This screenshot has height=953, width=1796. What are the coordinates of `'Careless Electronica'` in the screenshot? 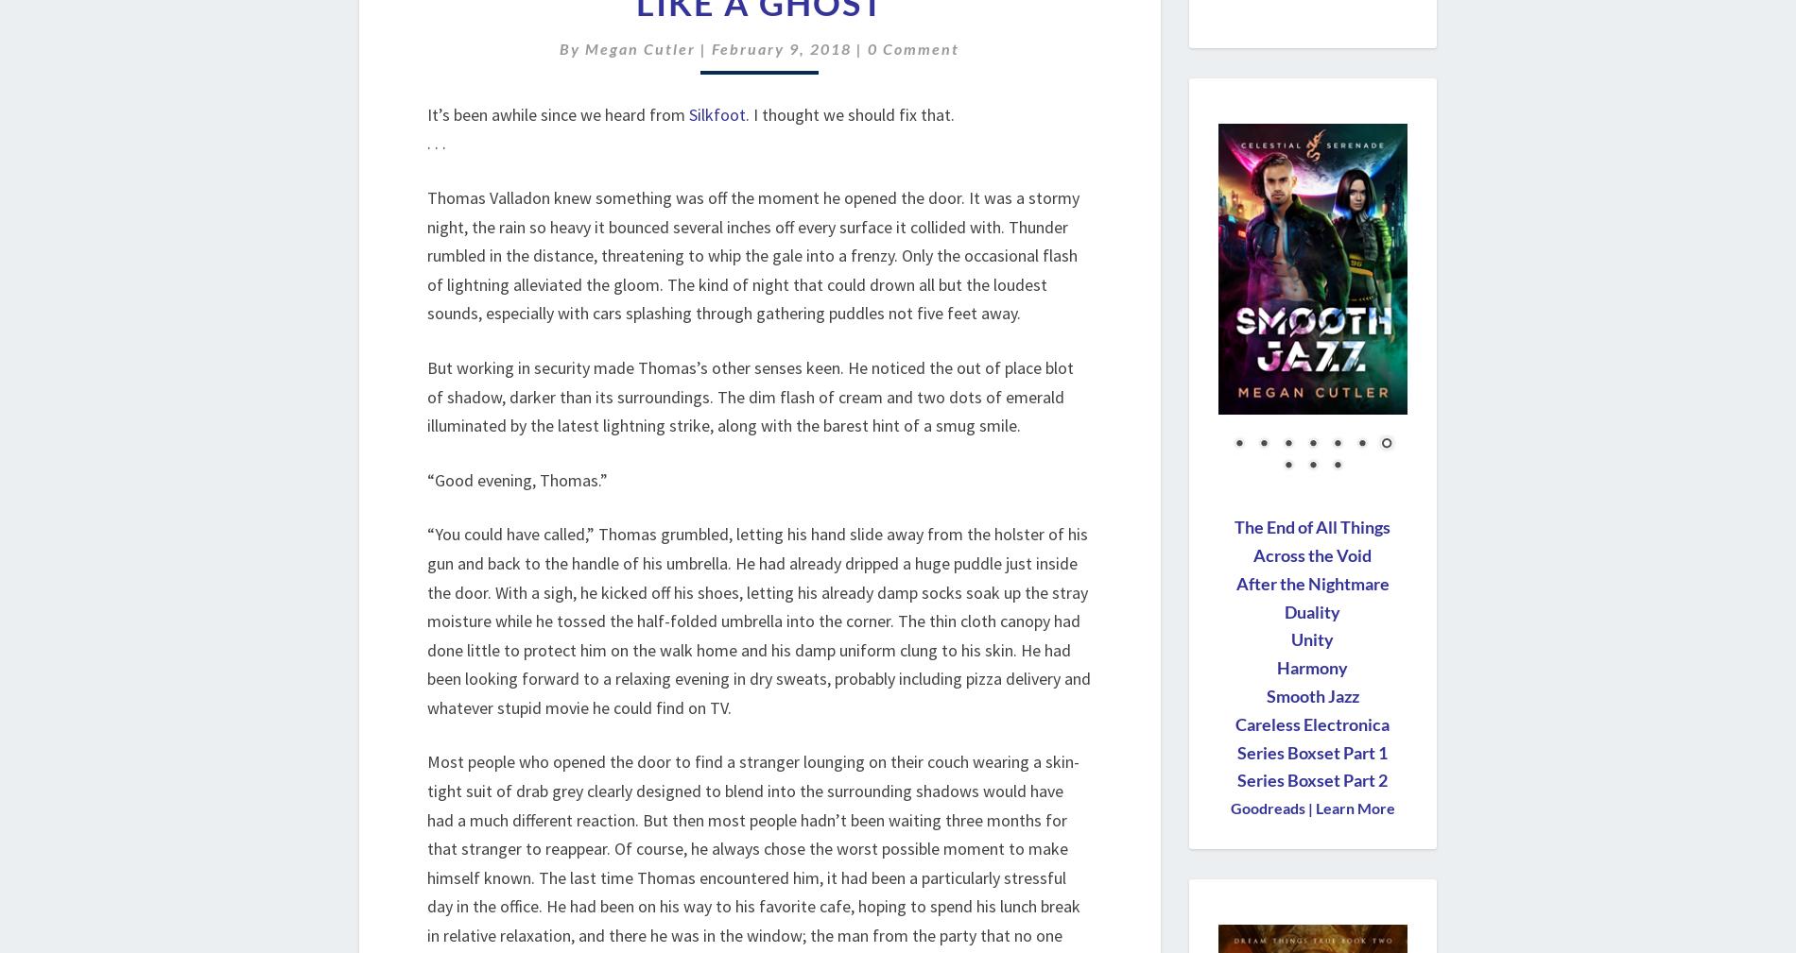 It's located at (1311, 723).